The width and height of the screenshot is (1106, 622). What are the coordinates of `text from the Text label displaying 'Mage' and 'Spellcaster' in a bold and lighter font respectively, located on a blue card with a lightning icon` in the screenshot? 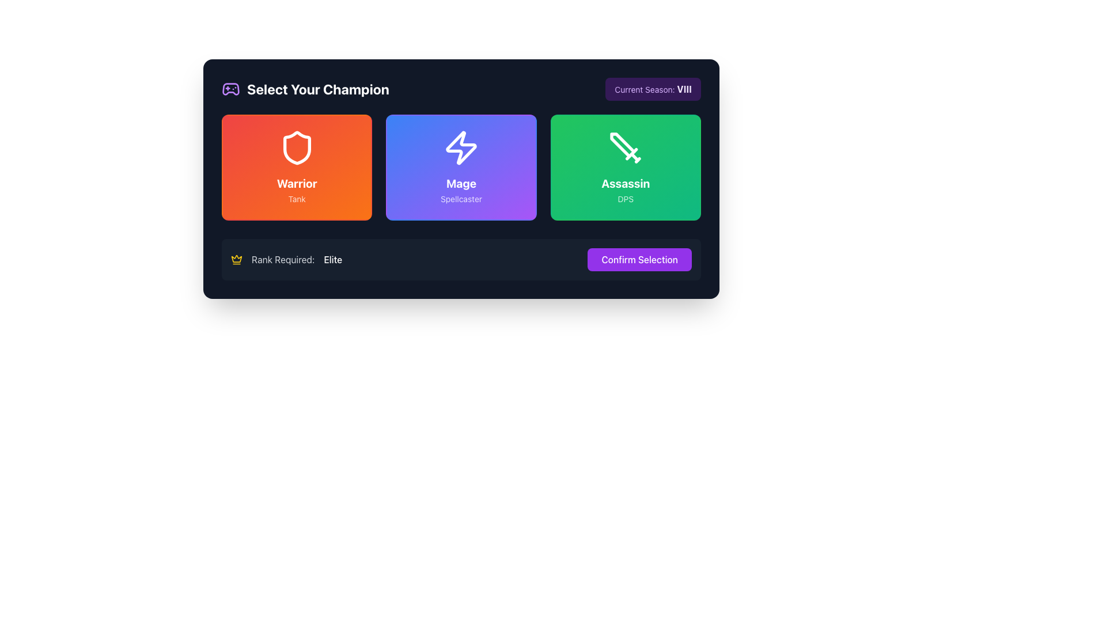 It's located at (461, 190).